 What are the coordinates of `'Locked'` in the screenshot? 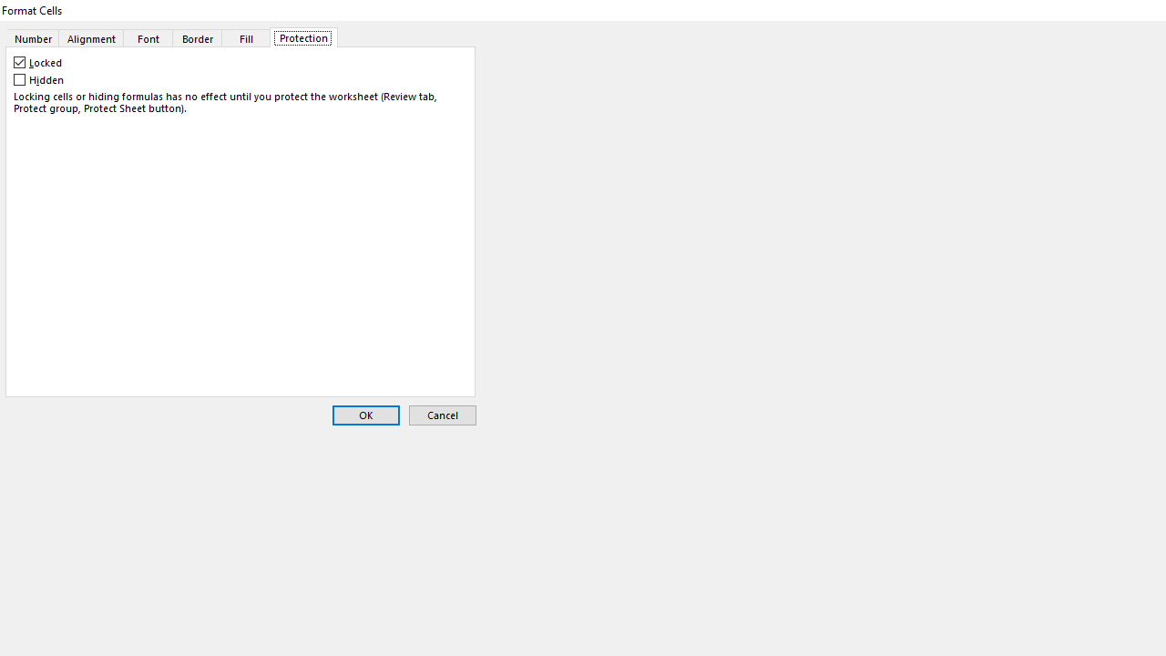 It's located at (38, 62).